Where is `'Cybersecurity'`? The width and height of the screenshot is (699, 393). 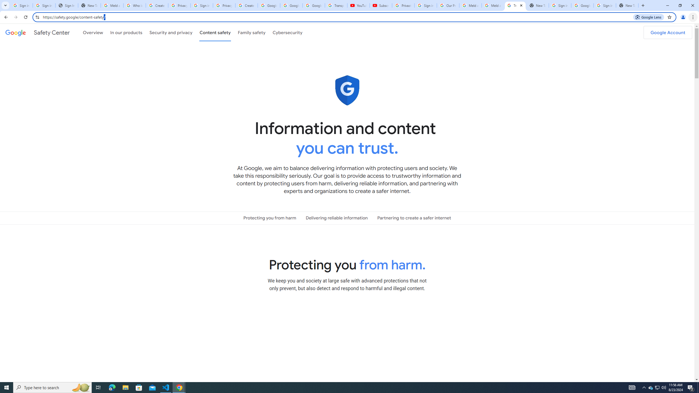 'Cybersecurity' is located at coordinates (287, 32).